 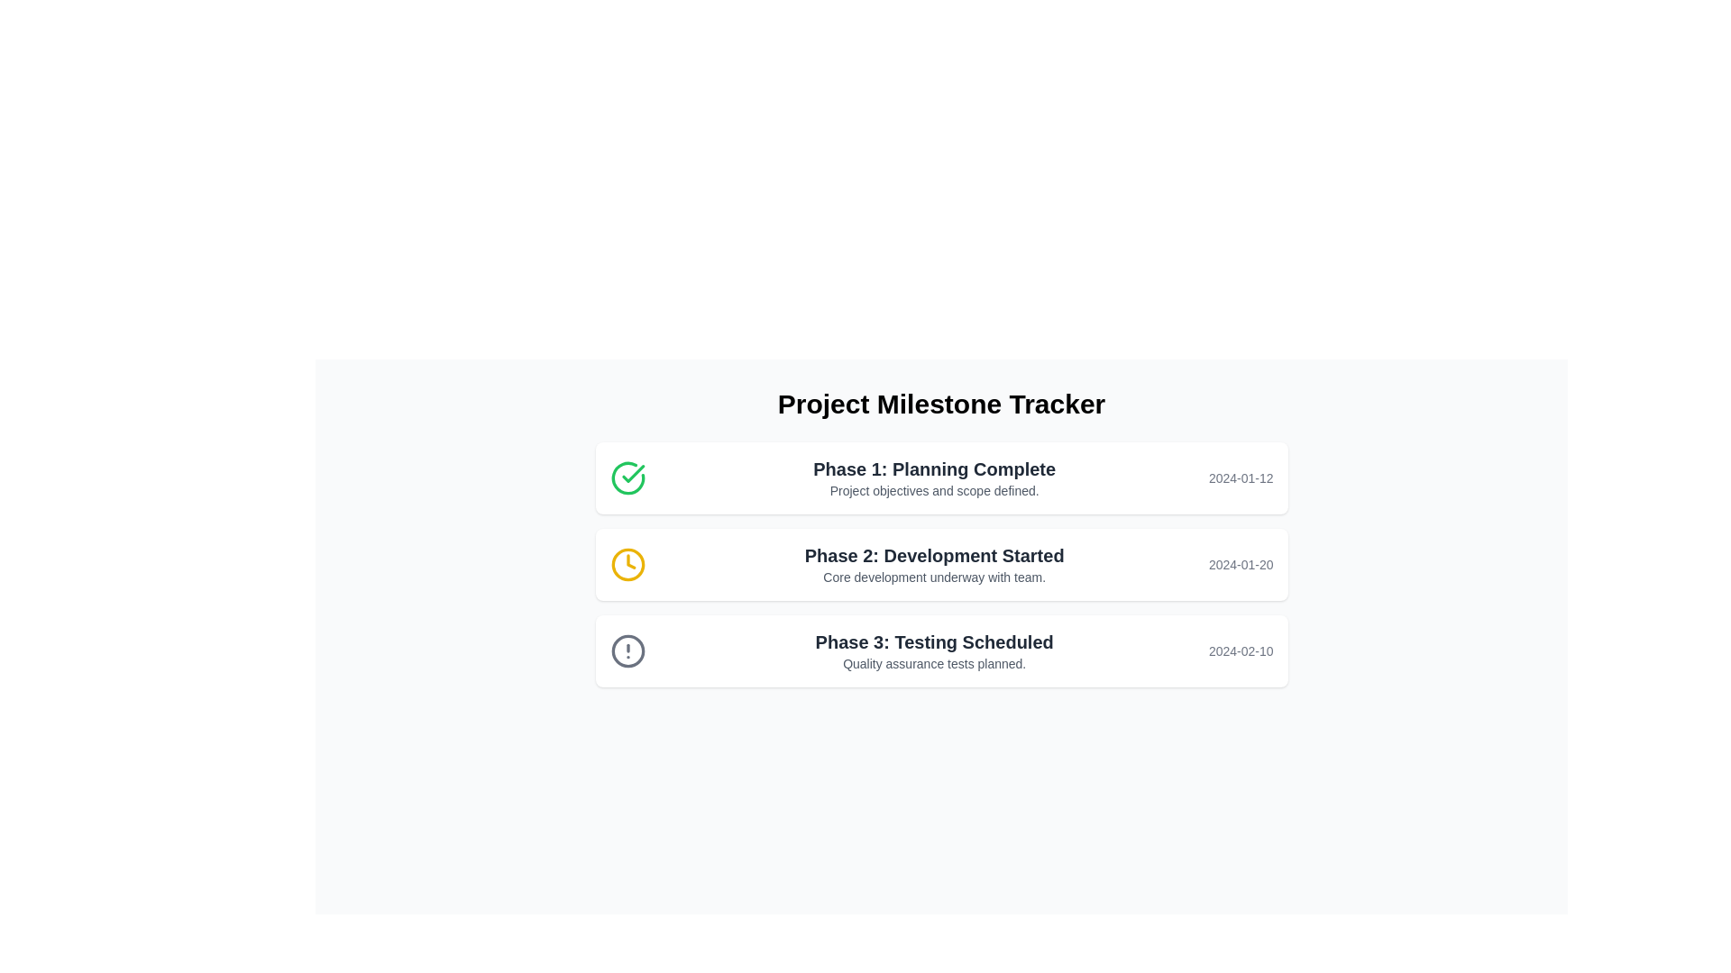 I want to click on the Text Label that provides information about the scheduled date for the milestone located on the right side within the third record of the milestone tracker list, aligned with 'Phase 3: Testing Scheduled' for potential tooltip display, so click(x=1240, y=650).